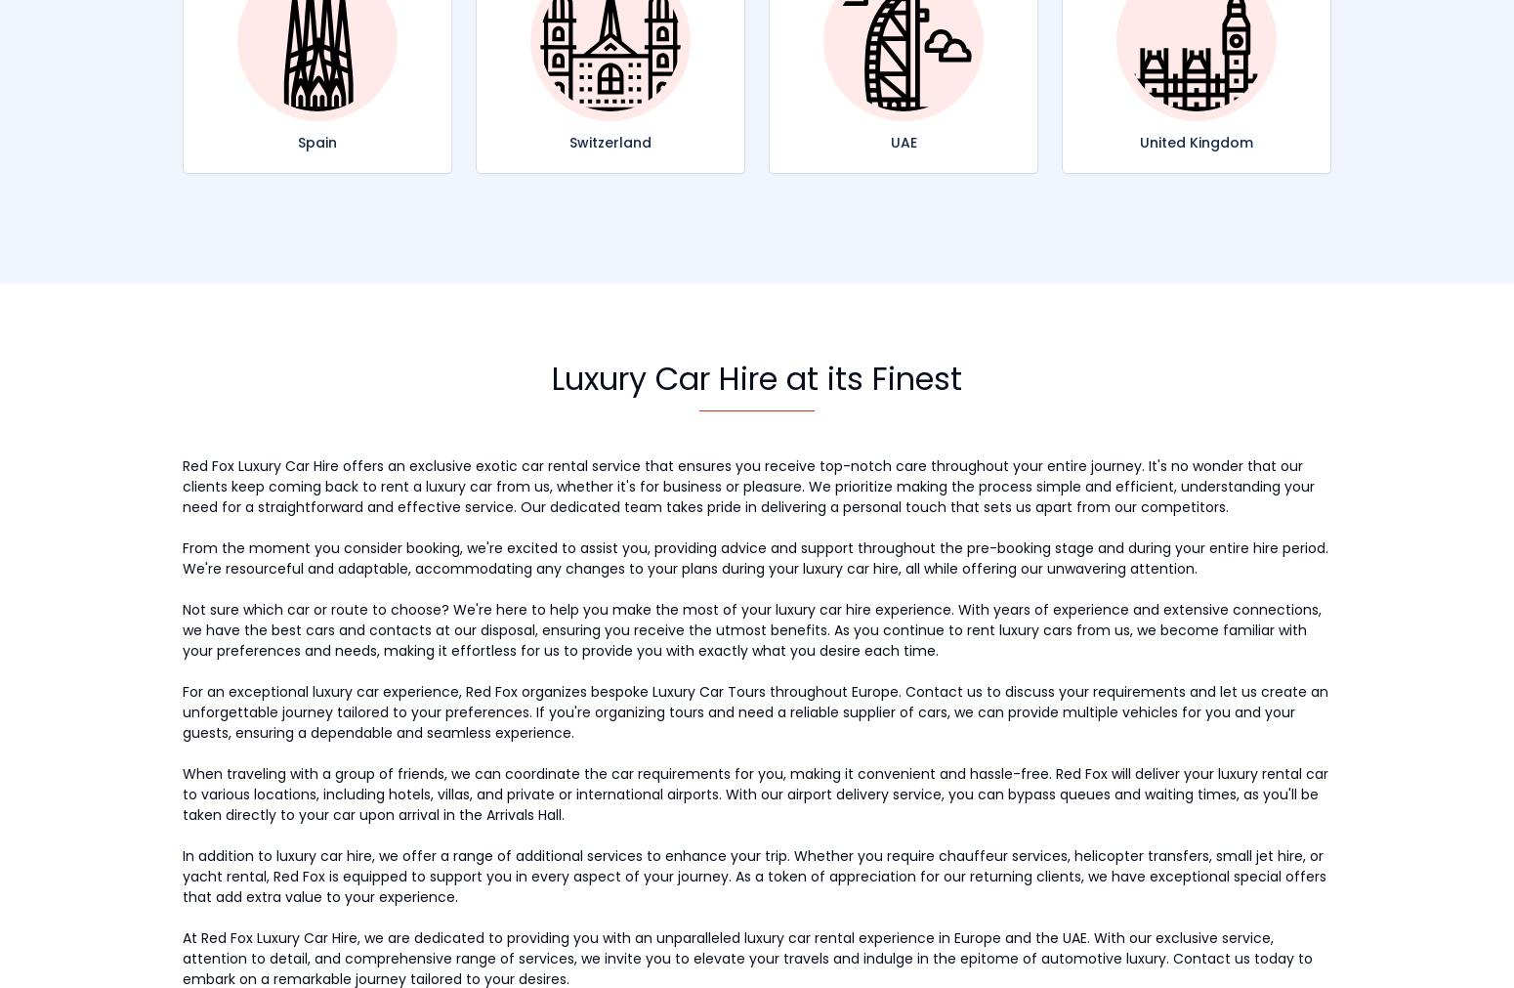 The height and width of the screenshot is (988, 1514). Describe the element at coordinates (748, 485) in the screenshot. I see `'Red Fox Luxury Car Hire offers an exclusive exotic car rental service that ensures you receive top-notch care throughout your entire journey. It's no wonder that our clients keep coming back to rent a luxury car from us, whether it's for business or pleasure. We prioritize making the process simple and efficient, understanding your need for a straightforward and effective service. Our dedicated team takes pride in delivering a personal touch that sets us apart from our competitors.'` at that location.